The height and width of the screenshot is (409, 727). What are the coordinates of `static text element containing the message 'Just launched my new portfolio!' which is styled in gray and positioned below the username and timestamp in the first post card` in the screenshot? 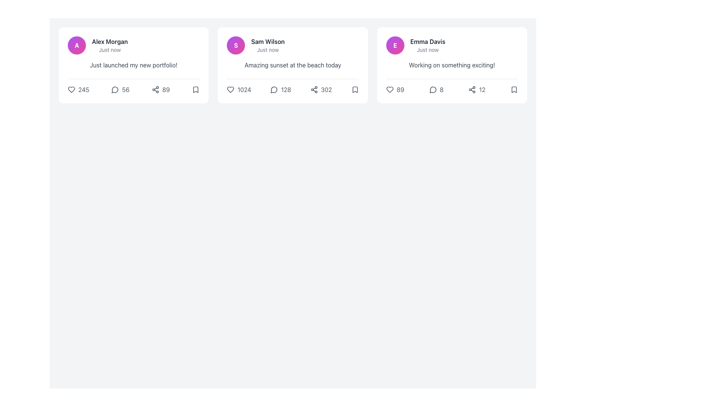 It's located at (134, 65).